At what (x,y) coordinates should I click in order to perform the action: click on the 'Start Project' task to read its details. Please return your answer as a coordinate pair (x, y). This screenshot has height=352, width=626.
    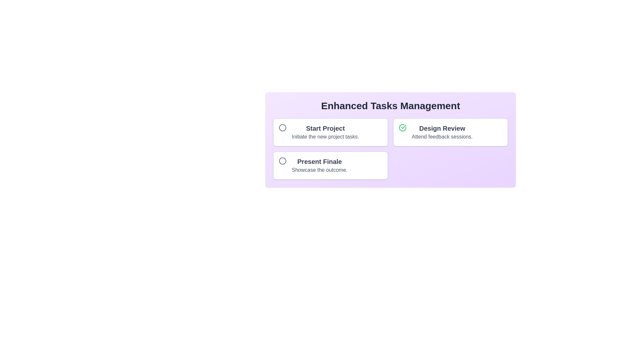
    Looking at the image, I should click on (330, 132).